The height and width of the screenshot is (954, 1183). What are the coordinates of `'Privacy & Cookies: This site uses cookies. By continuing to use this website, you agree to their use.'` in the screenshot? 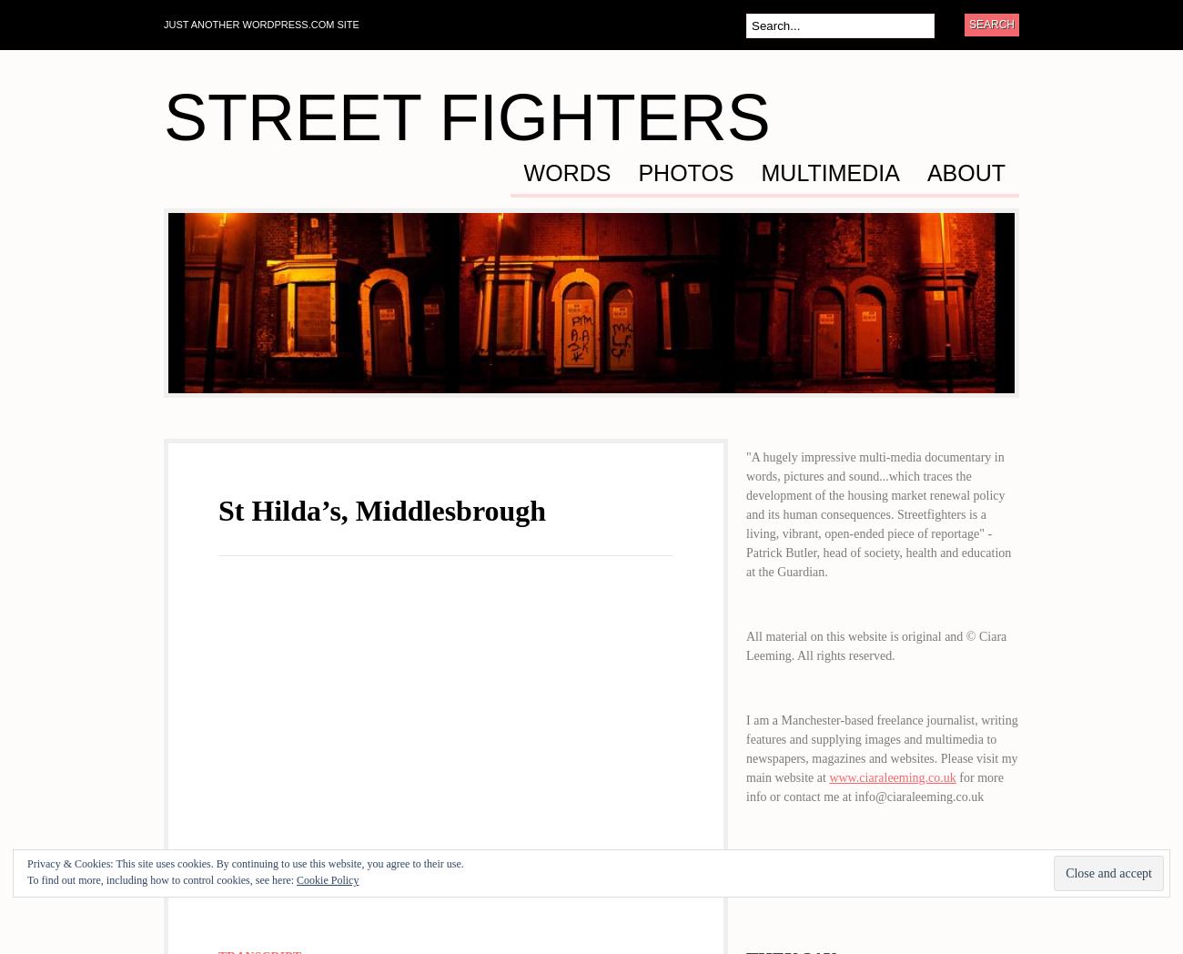 It's located at (244, 863).